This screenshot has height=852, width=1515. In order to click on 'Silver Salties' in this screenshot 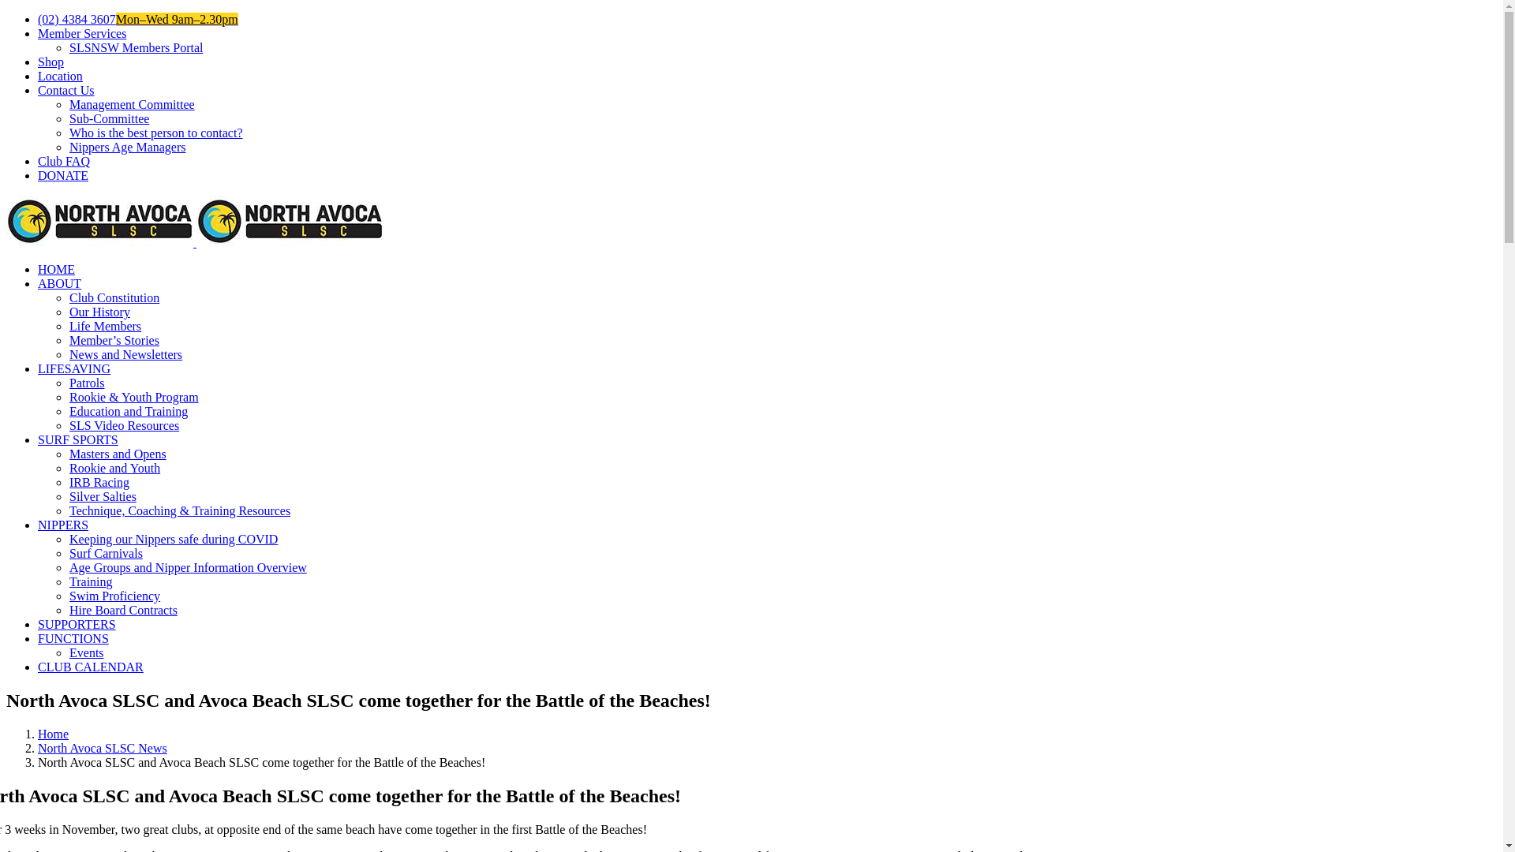, I will do `click(102, 495)`.